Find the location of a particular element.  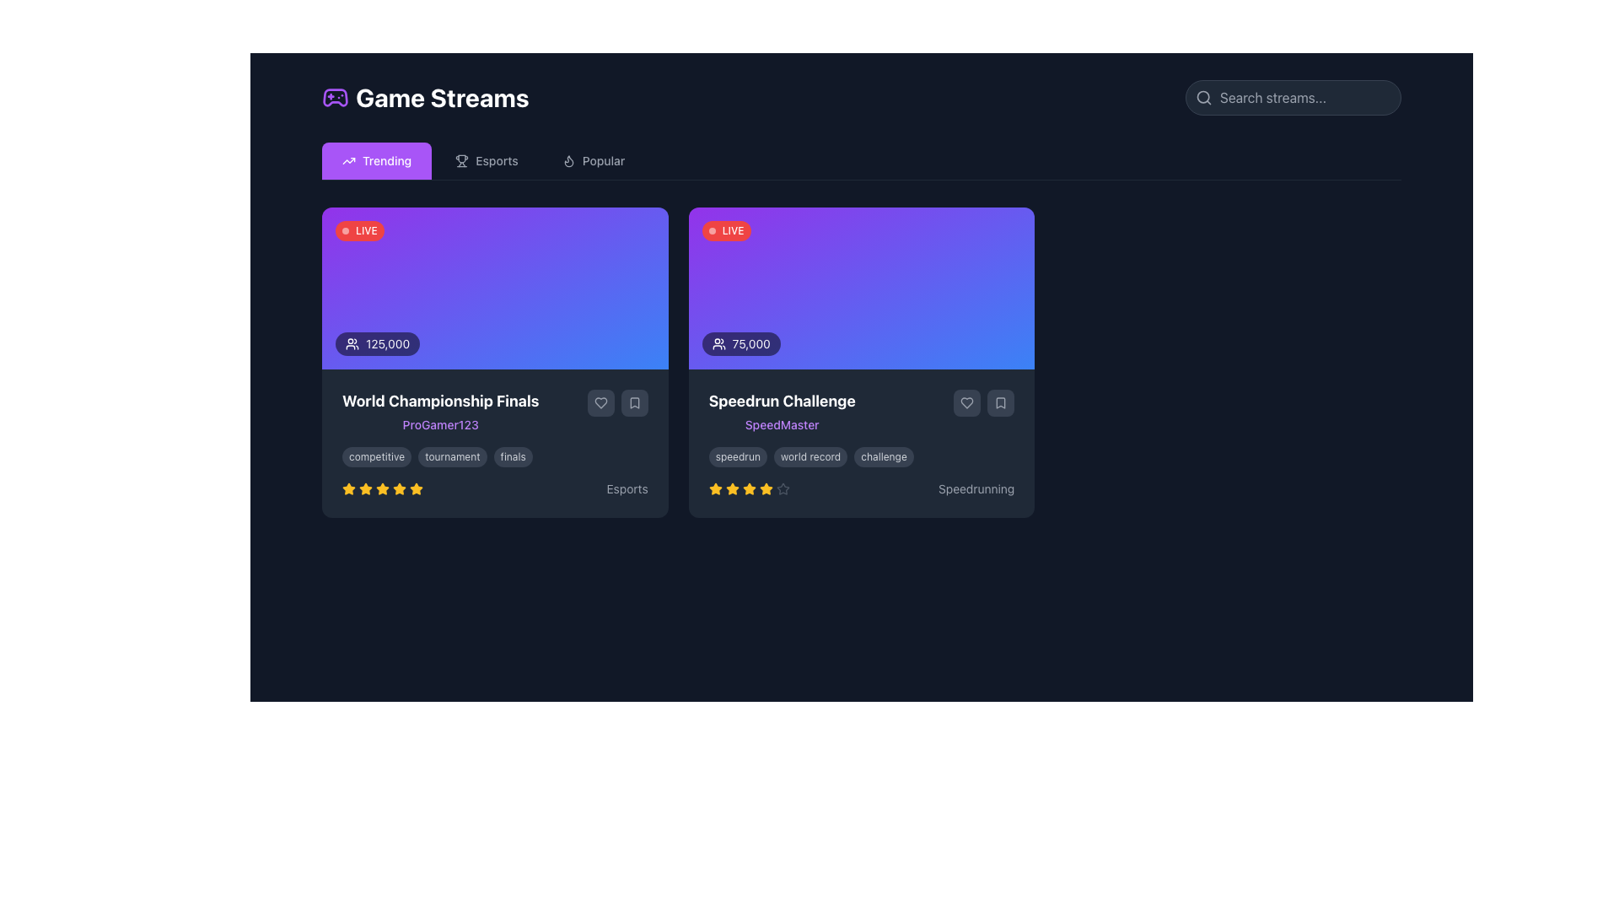

the individual tag within the Tag group styled with small capsules containing the words 'competitive', 'tournament', and 'finals' is located at coordinates (493, 457).